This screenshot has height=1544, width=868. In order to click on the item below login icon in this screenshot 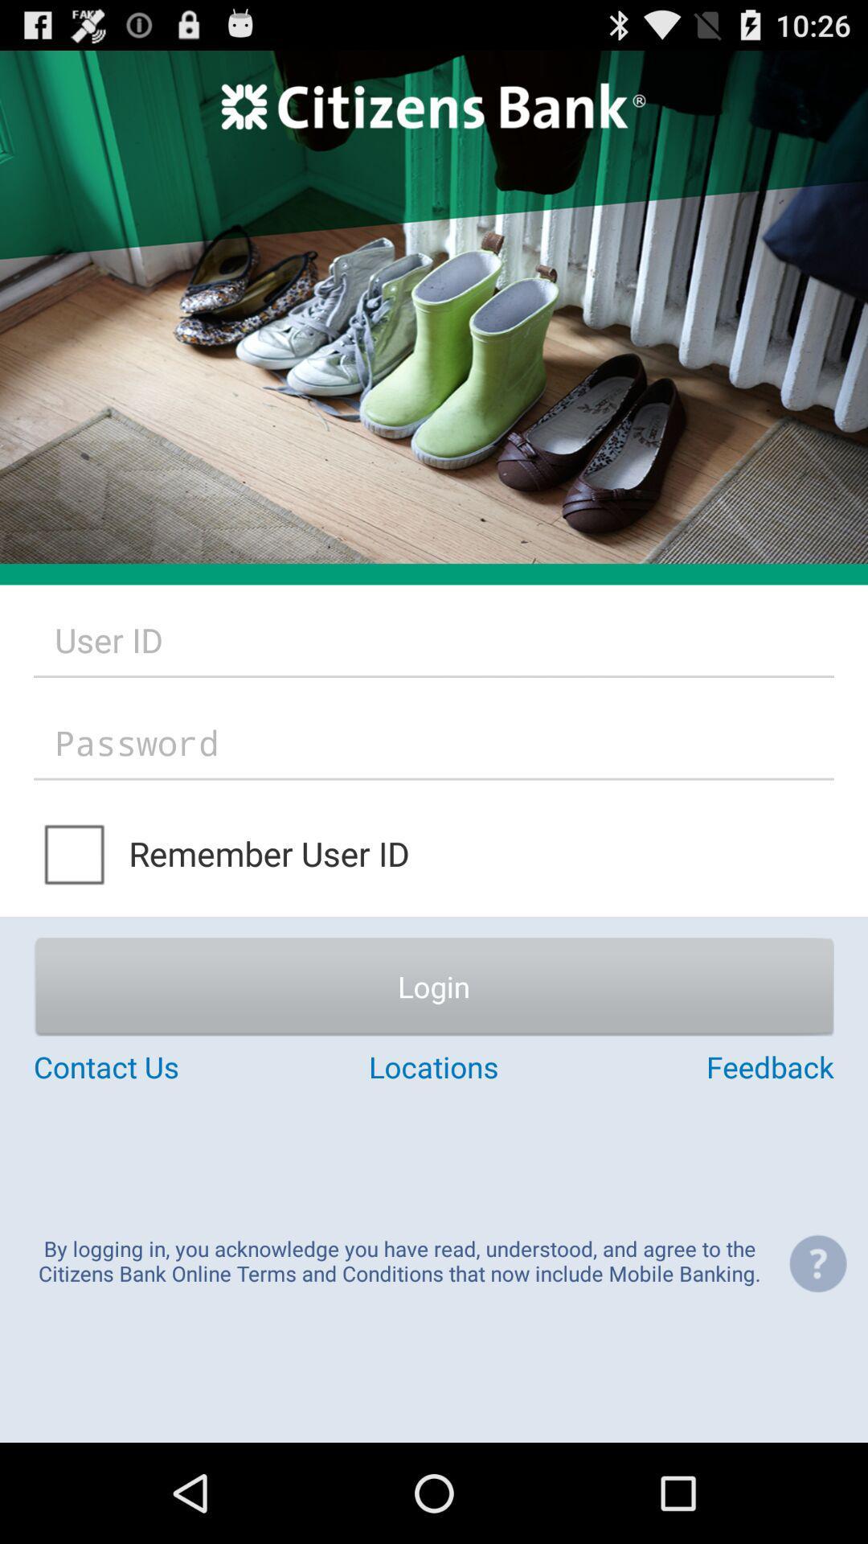, I will do `click(166, 1066)`.